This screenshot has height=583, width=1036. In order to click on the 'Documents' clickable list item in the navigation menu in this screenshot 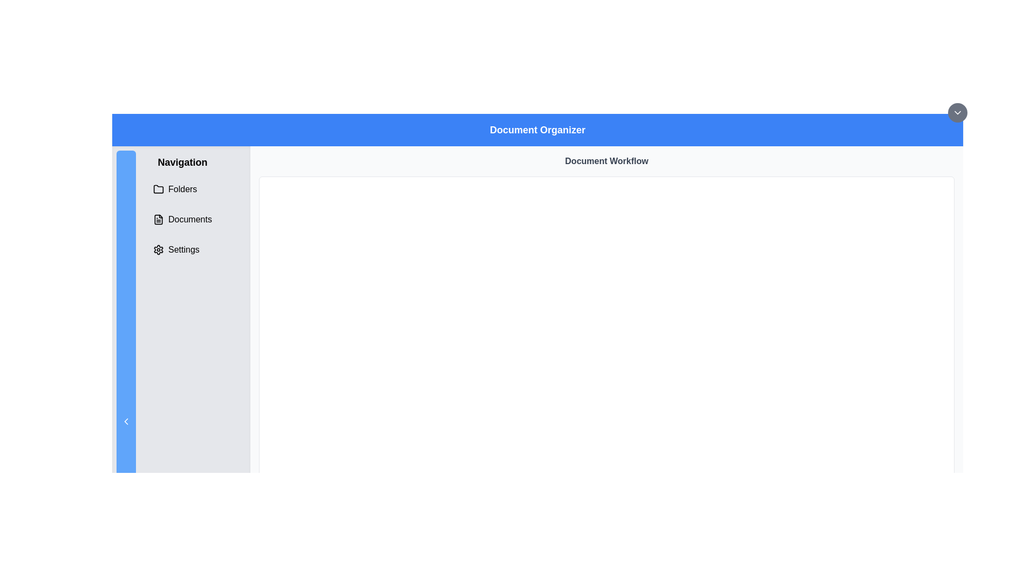, I will do `click(182, 219)`.